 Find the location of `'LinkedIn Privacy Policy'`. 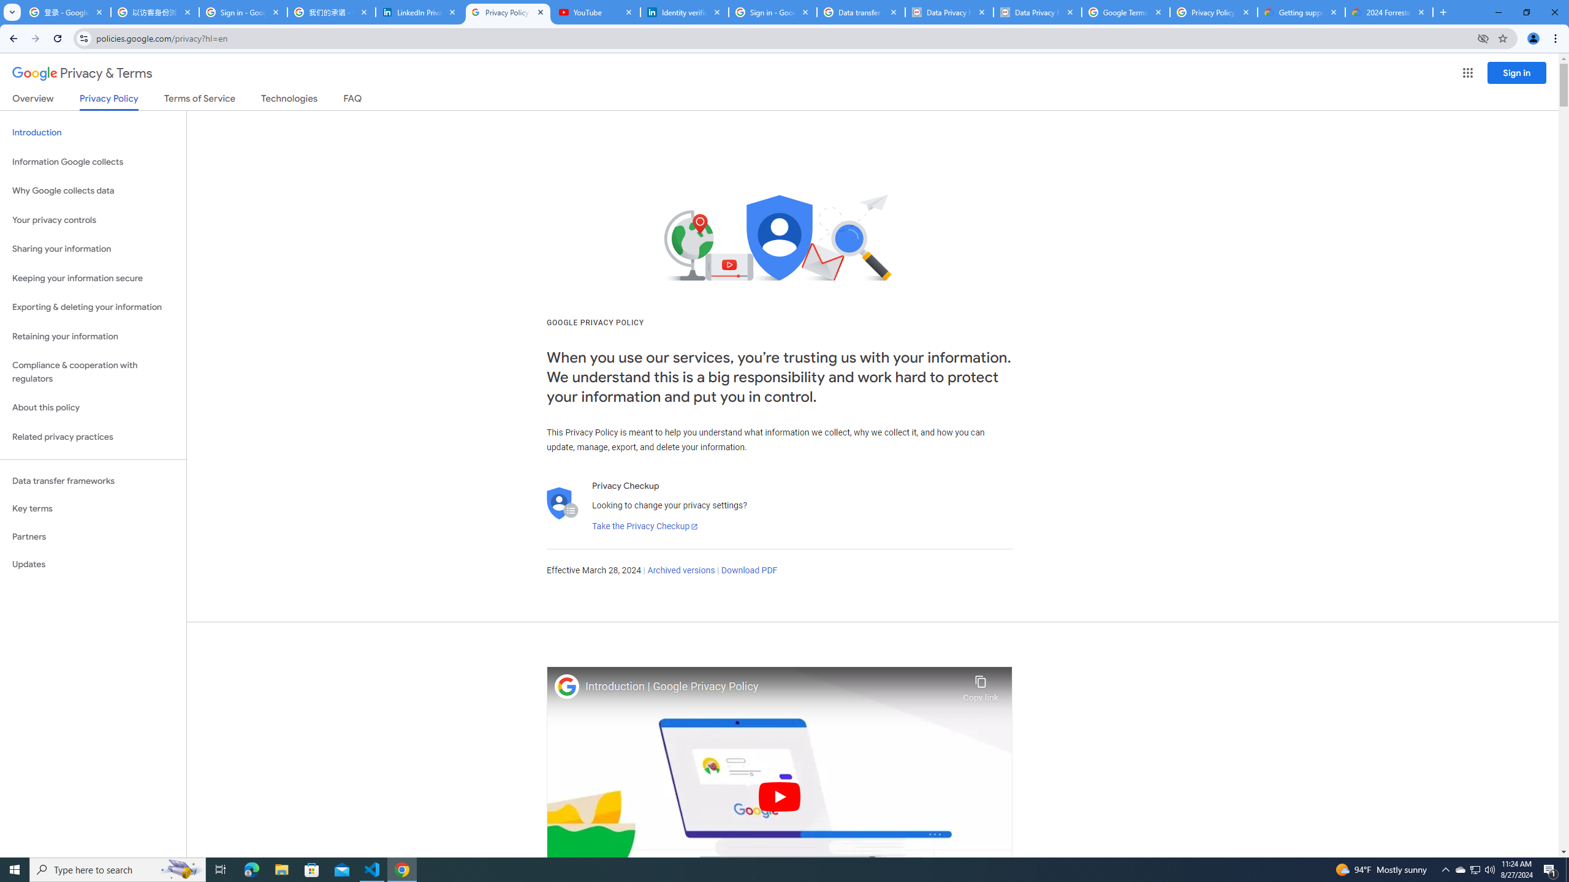

'LinkedIn Privacy Policy' is located at coordinates (419, 12).